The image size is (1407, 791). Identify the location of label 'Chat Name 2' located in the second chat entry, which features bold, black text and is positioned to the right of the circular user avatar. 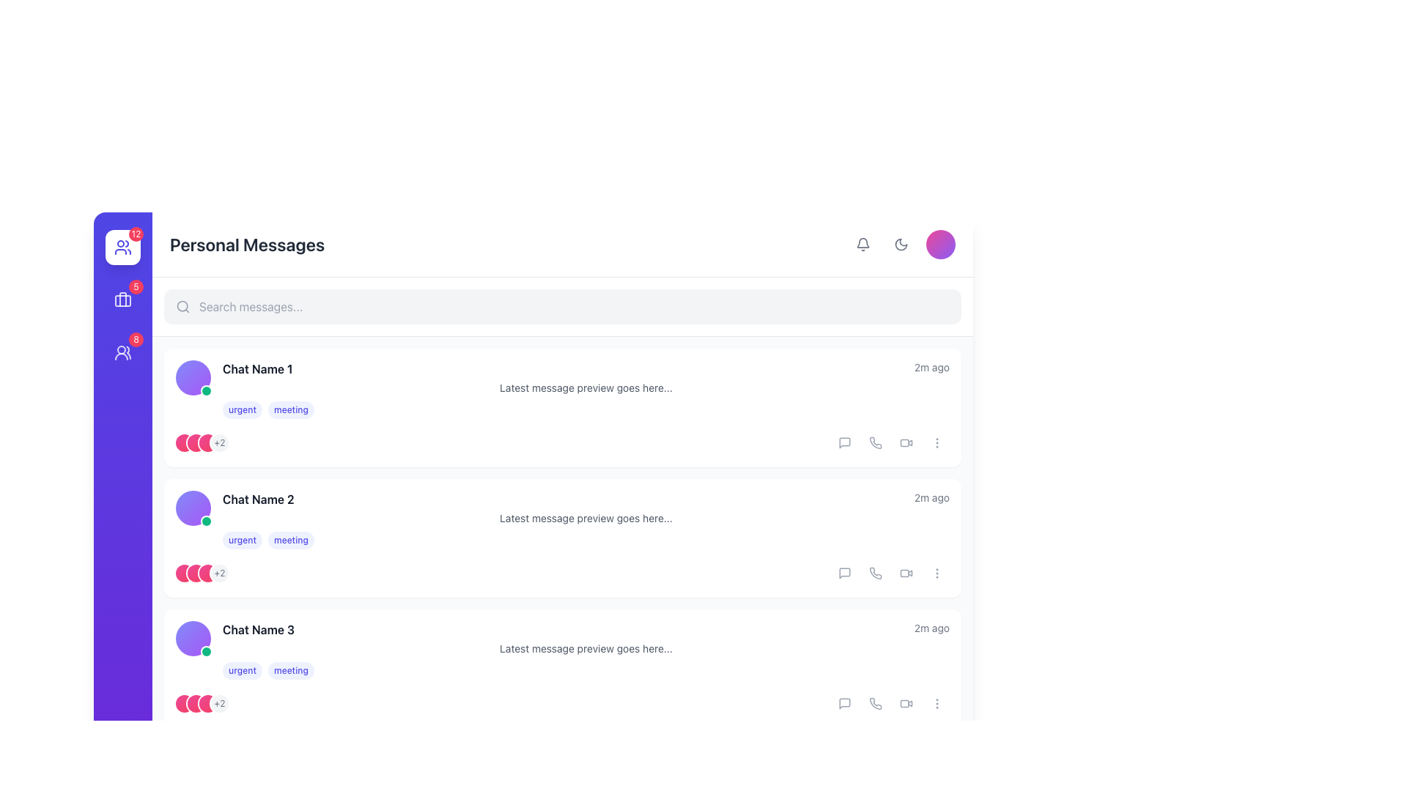
(258, 499).